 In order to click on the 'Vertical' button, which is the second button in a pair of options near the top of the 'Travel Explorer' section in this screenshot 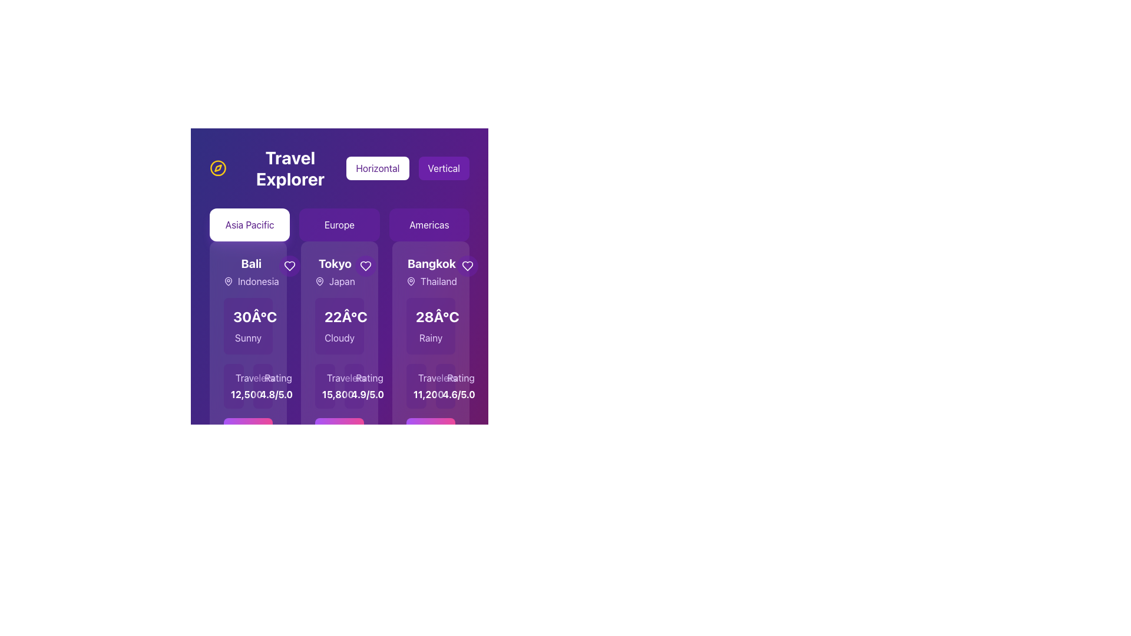, I will do `click(443, 168)`.